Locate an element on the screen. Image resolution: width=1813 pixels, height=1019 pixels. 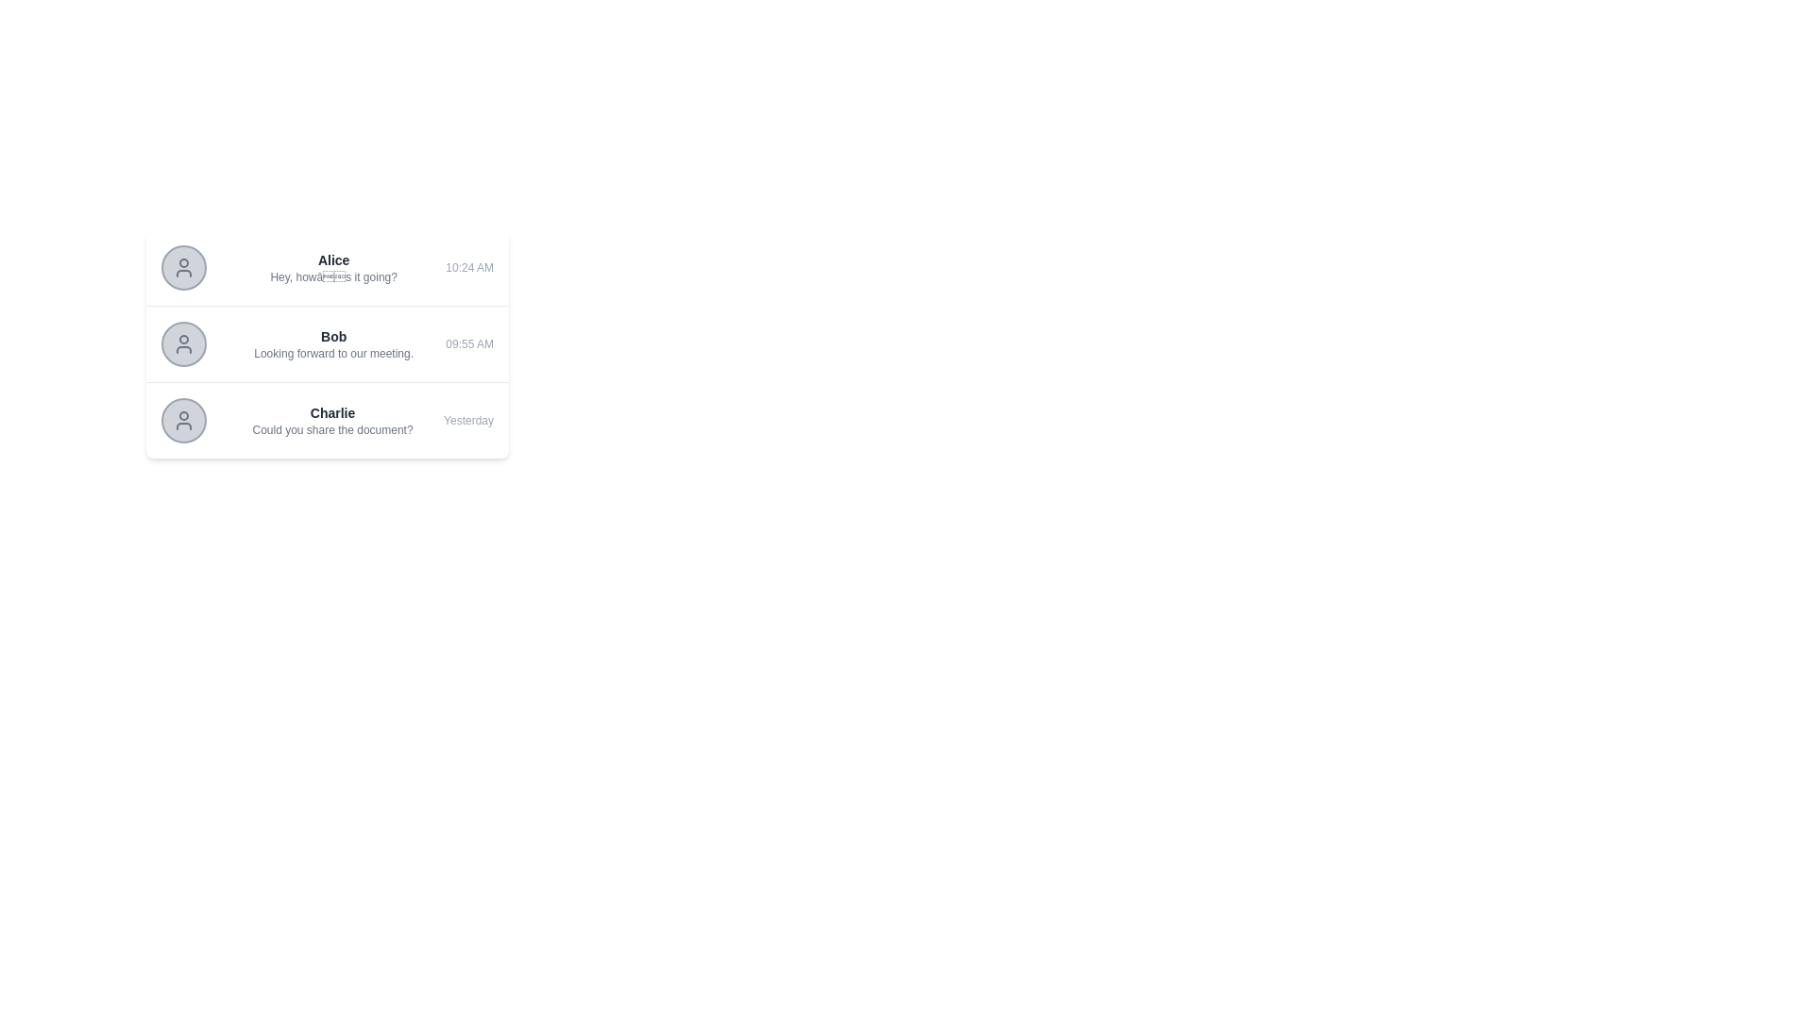
the second list item element displaying the user message from 'Bob', which includes a profile icon, message text, and timestamp is located at coordinates (327, 344).